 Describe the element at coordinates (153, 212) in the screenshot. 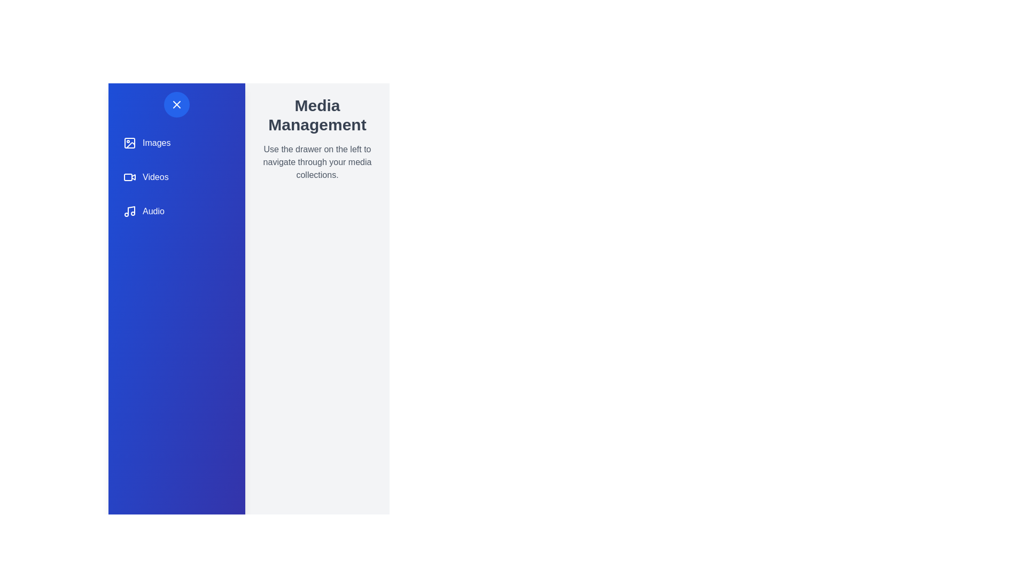

I see `the 'Audio' Text Label element, which is part of a vertical navigation list on the blue sidebar and positioned in the third row, below 'Images' and 'Videos'` at that location.